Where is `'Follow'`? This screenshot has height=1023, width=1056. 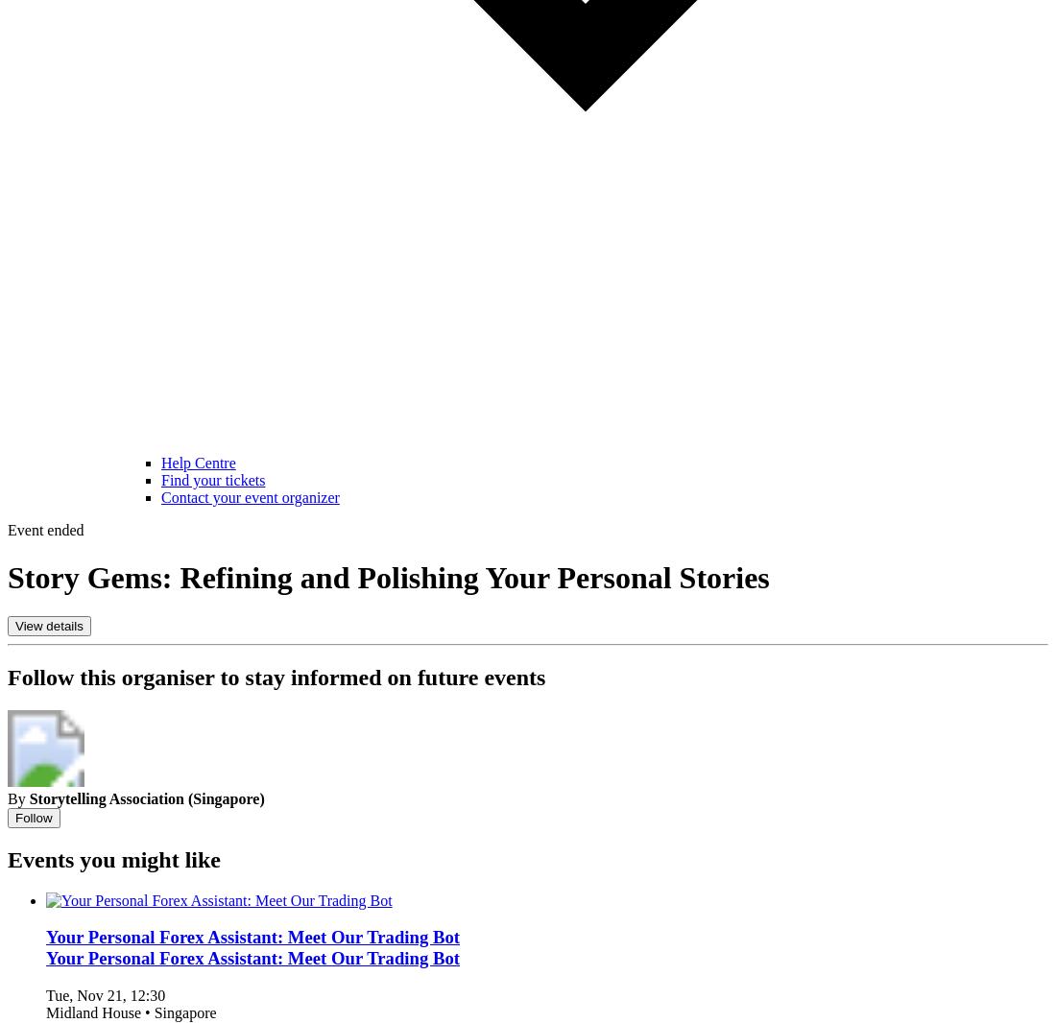 'Follow' is located at coordinates (32, 817).